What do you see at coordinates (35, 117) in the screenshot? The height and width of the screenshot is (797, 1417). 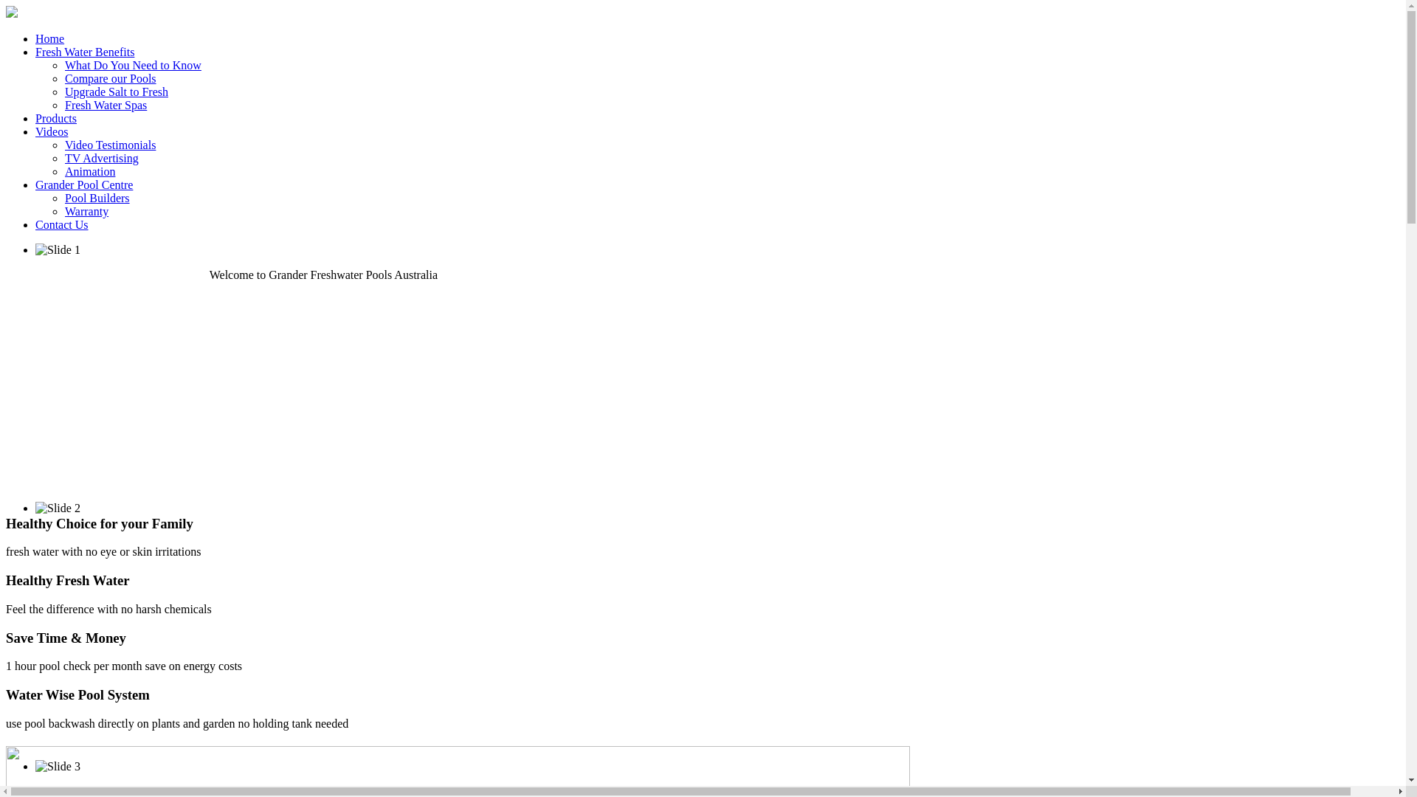 I see `'Products'` at bounding box center [35, 117].